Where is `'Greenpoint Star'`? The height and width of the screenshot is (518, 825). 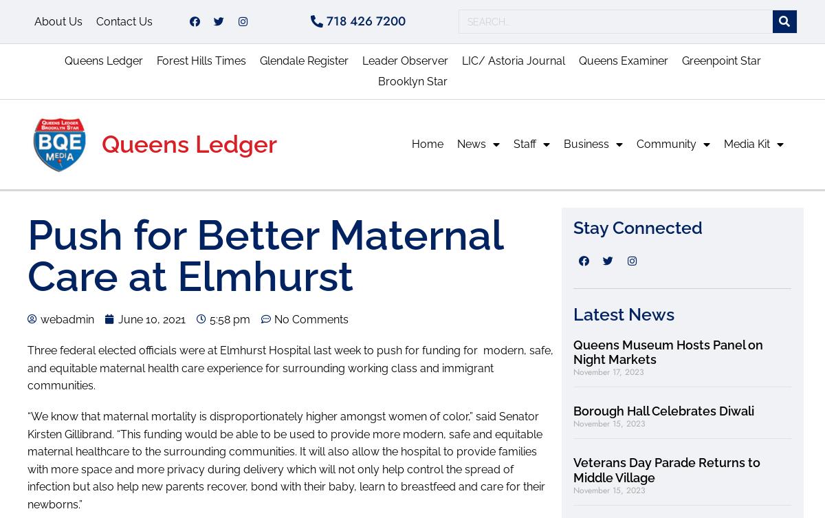 'Greenpoint Star' is located at coordinates (681, 61).